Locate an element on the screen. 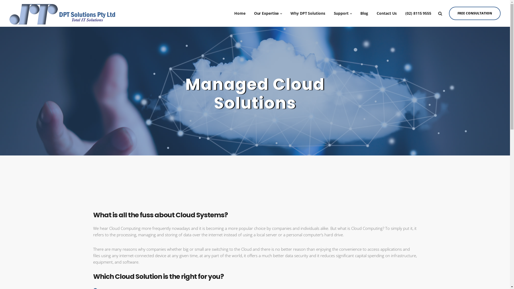 Image resolution: width=514 pixels, height=289 pixels. 'Home' is located at coordinates (240, 13).